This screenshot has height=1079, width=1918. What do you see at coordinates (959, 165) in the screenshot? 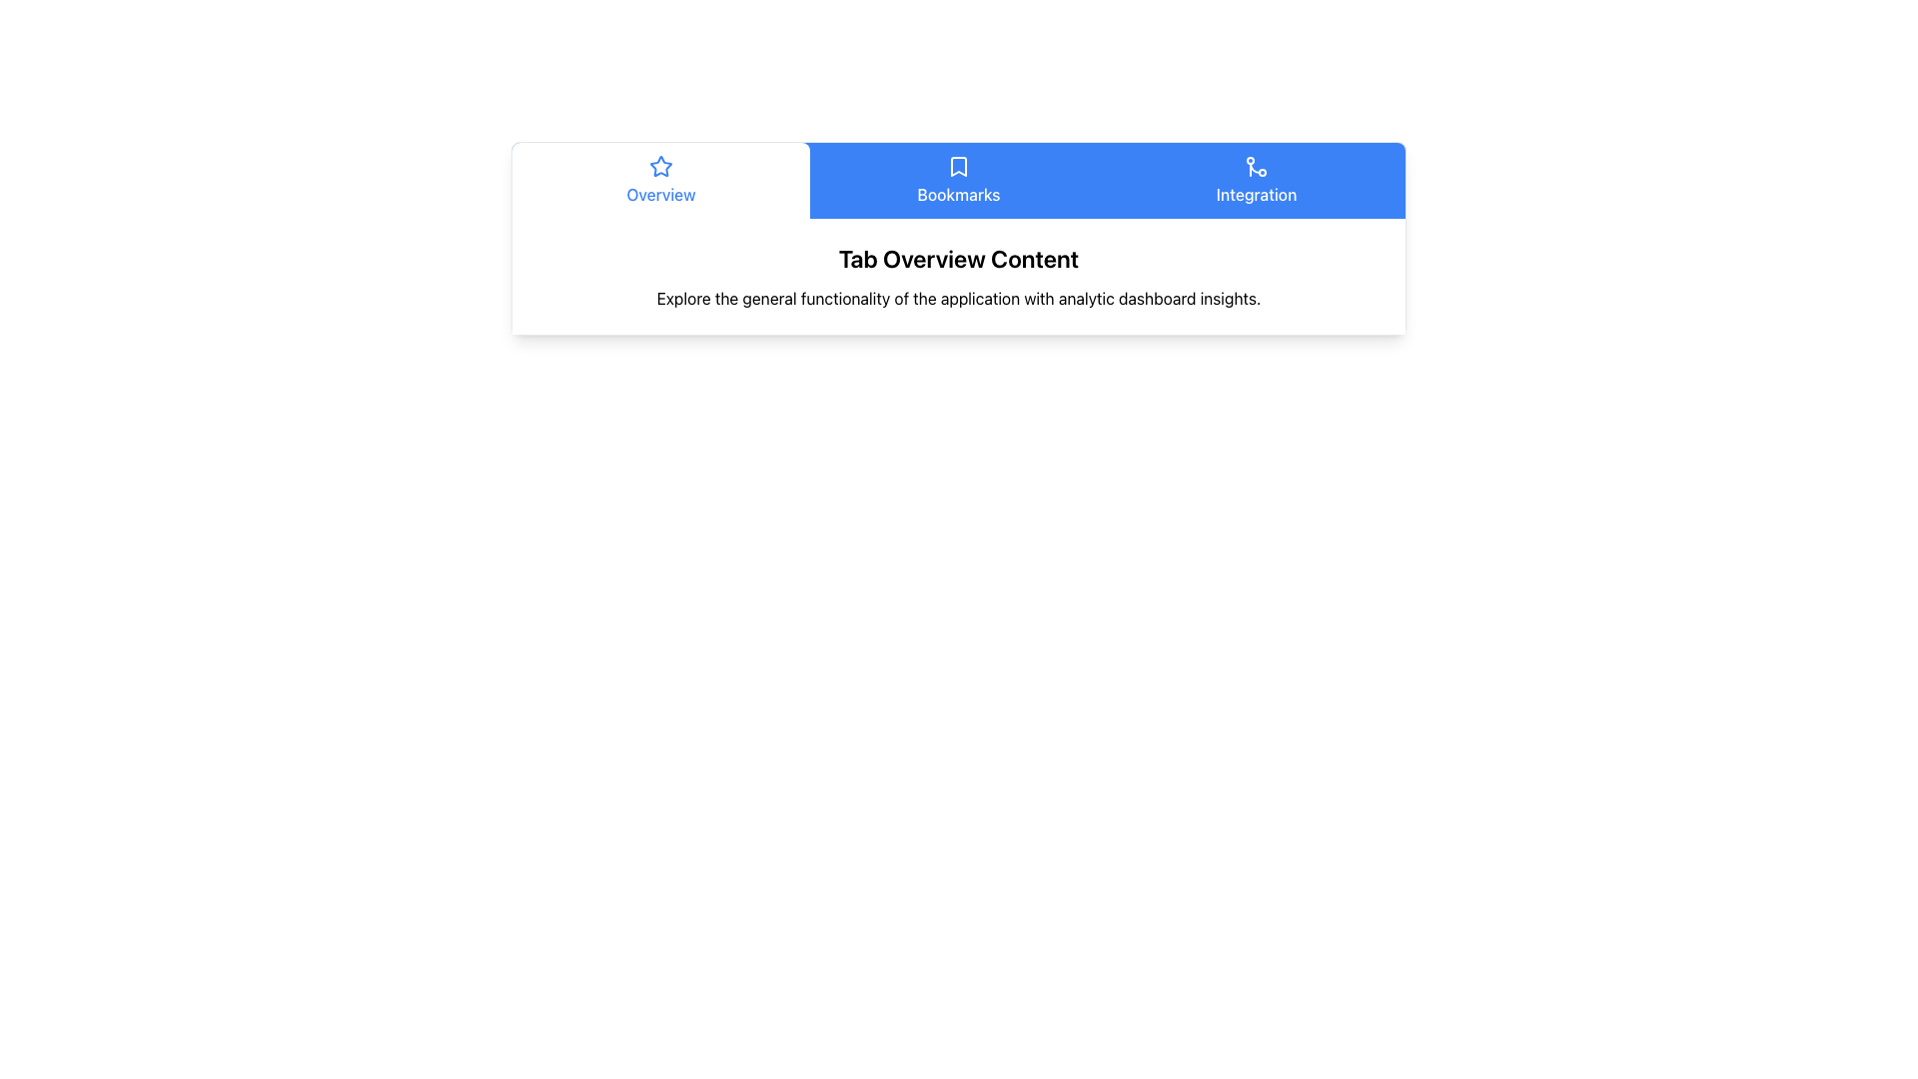
I see `the bookmark icon, which is a small ribbon-shaped icon located in the navigation bar above the 'Bookmarks' label` at bounding box center [959, 165].